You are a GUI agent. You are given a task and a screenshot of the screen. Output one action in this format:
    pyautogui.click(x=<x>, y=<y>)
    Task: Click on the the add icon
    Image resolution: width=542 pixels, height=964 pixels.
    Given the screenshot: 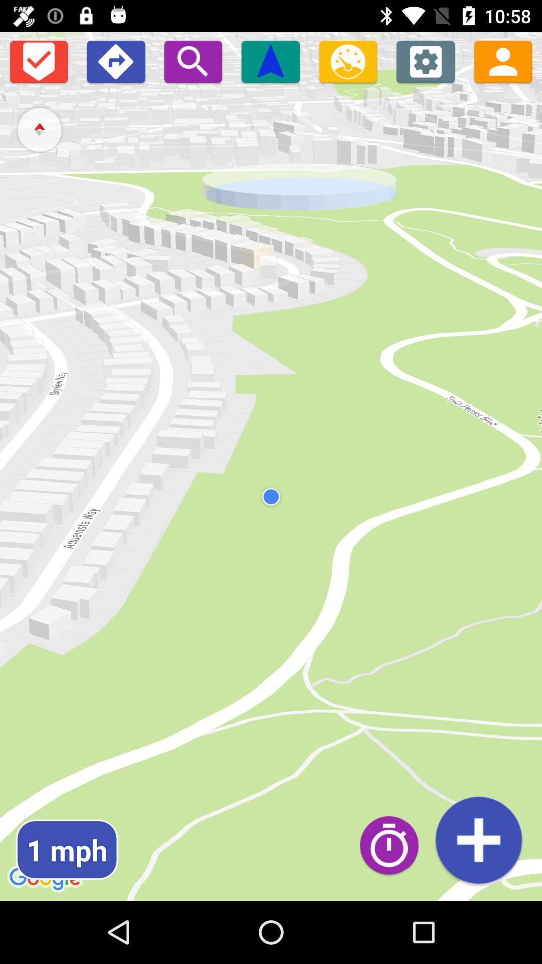 What is the action you would take?
    pyautogui.click(x=478, y=840)
    